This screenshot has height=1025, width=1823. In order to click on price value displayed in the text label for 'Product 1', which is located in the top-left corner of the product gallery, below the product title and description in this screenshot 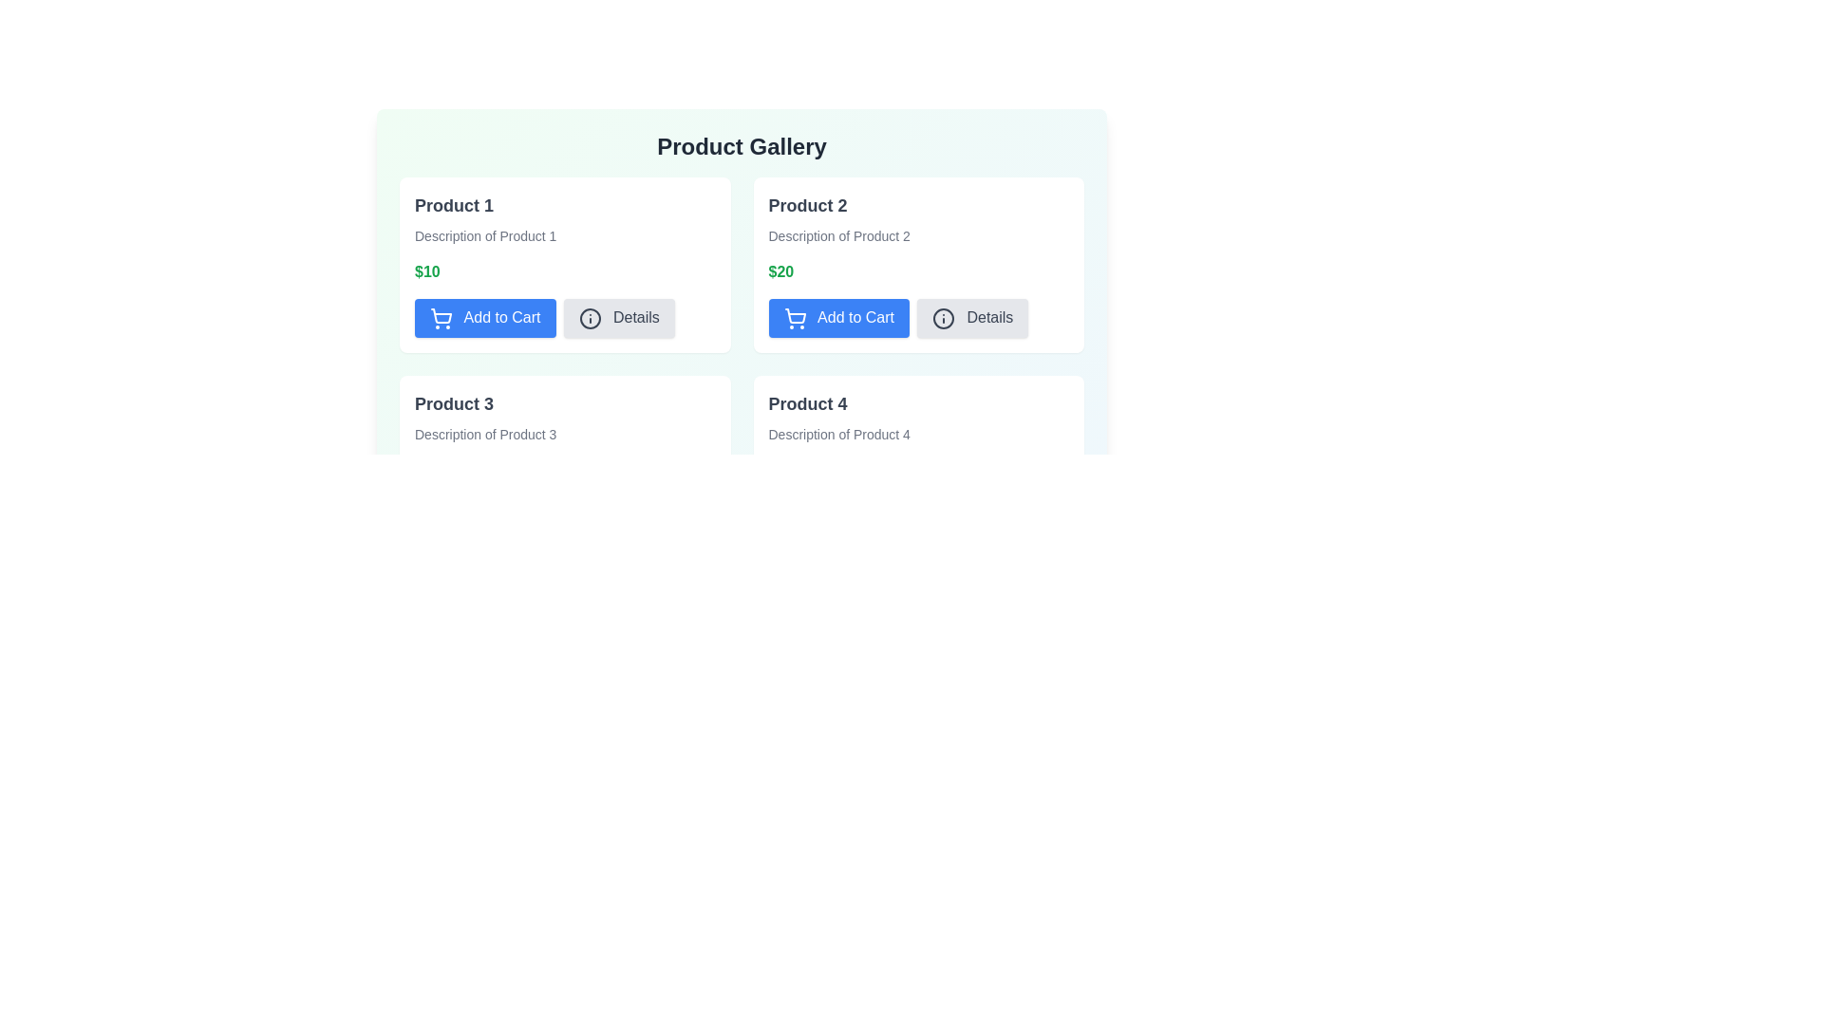, I will do `click(426, 271)`.